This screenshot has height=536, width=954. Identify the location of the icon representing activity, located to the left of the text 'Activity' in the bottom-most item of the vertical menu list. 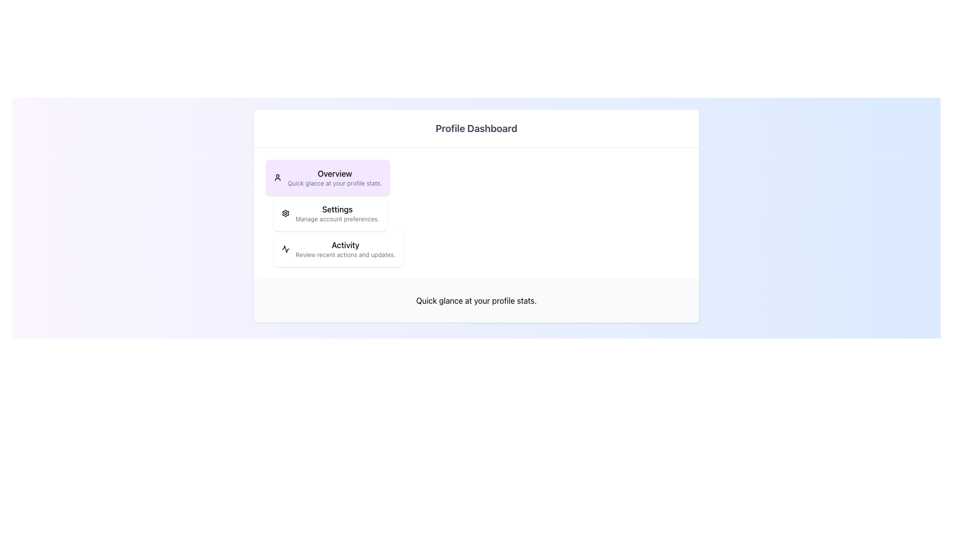
(285, 248).